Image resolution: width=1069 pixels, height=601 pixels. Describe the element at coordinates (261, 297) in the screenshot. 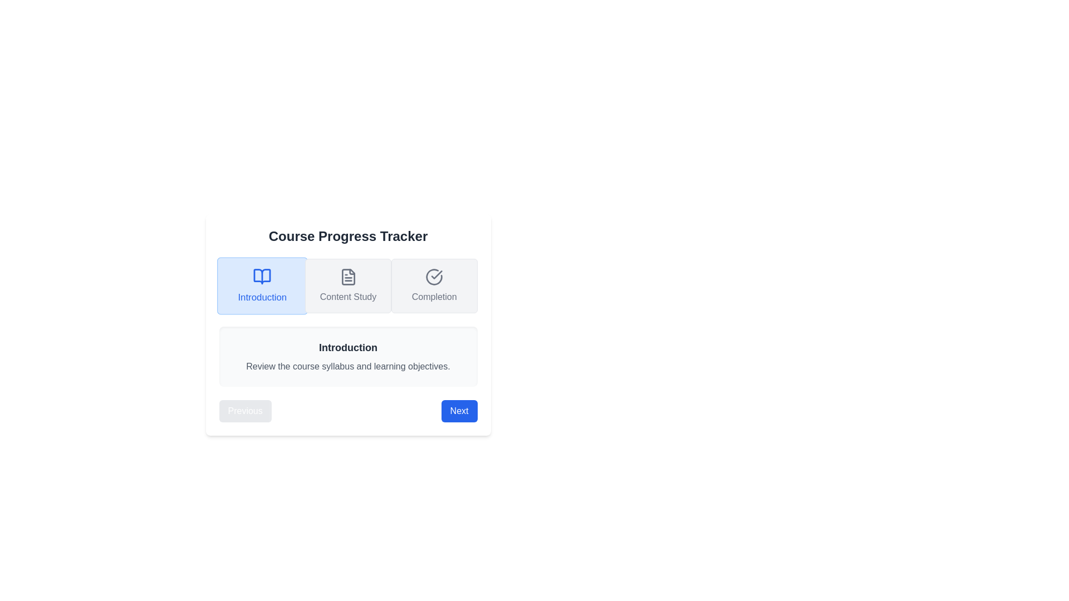

I see `the text label reading 'Introduction' styled in blue, located beneath the open book icon` at that location.